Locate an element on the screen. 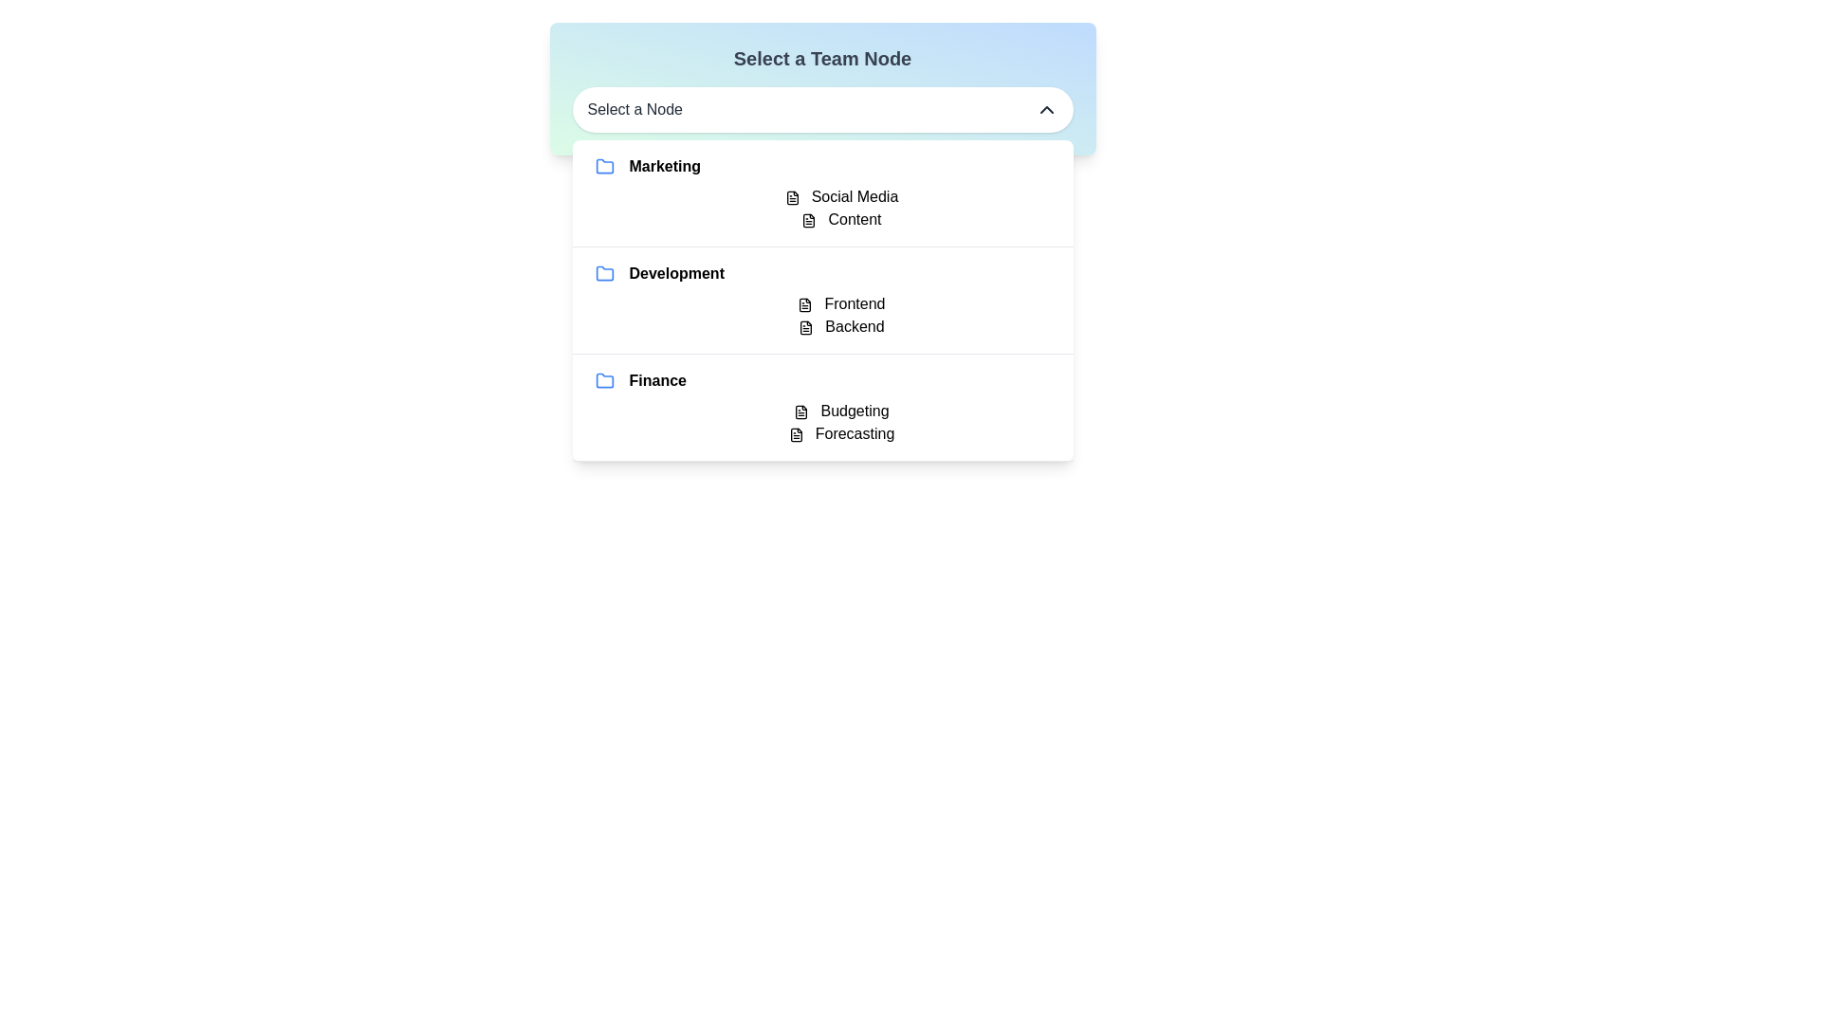 This screenshot has height=1024, width=1821. the folder icon representing the 'Marketing' menu item is located at coordinates (603, 165).